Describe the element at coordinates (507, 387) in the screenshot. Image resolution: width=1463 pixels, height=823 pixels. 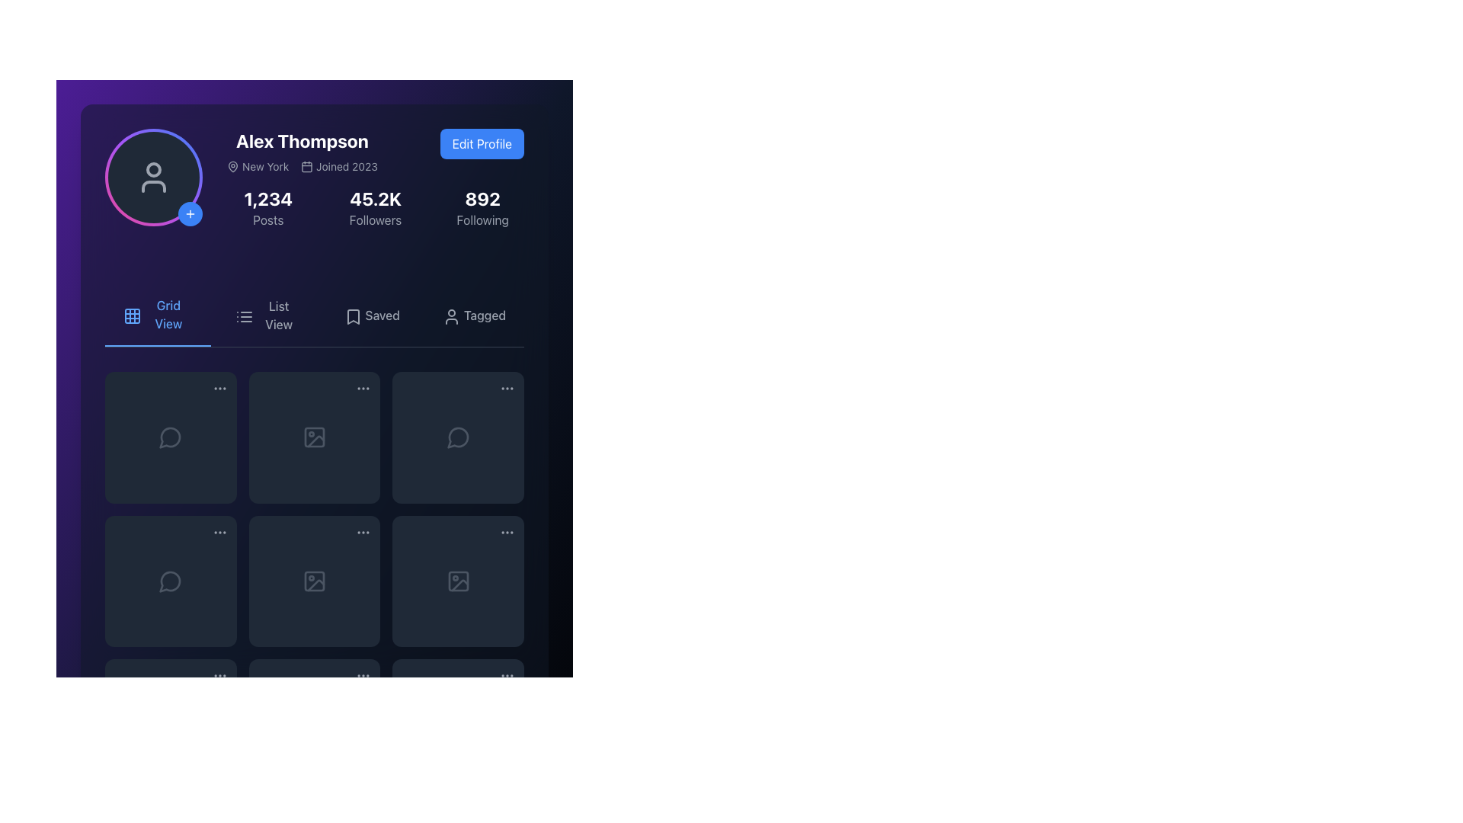
I see `the compact button featuring a triple-dot icon located in the top-right corner of a grid cell` at that location.